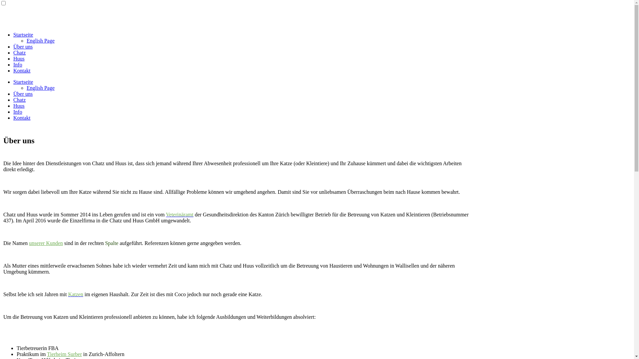 The height and width of the screenshot is (359, 639). I want to click on 'Chatz', so click(19, 52).